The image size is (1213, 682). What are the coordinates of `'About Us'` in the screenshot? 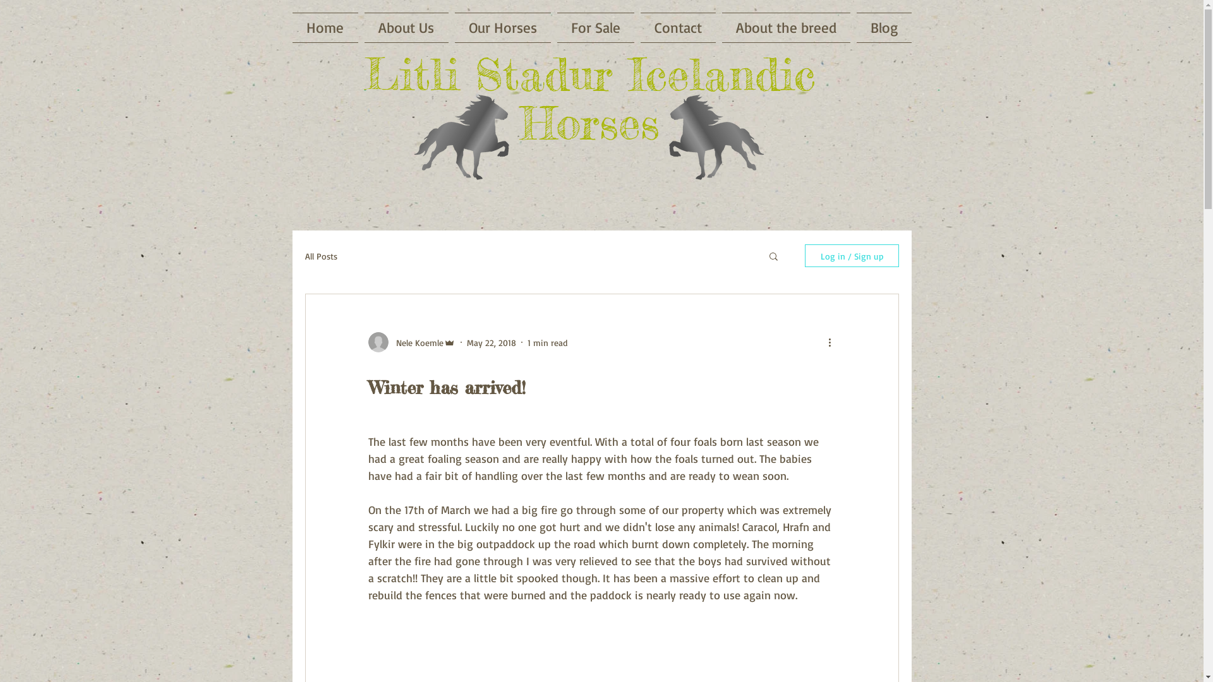 It's located at (406, 27).